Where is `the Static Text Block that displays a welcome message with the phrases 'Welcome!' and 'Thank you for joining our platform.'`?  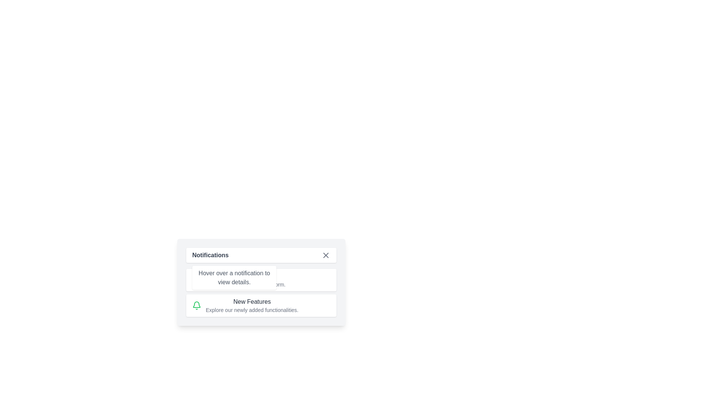
the Static Text Block that displays a welcome message with the phrases 'Welcome!' and 'Thank you for joining our platform.' is located at coordinates (246, 280).